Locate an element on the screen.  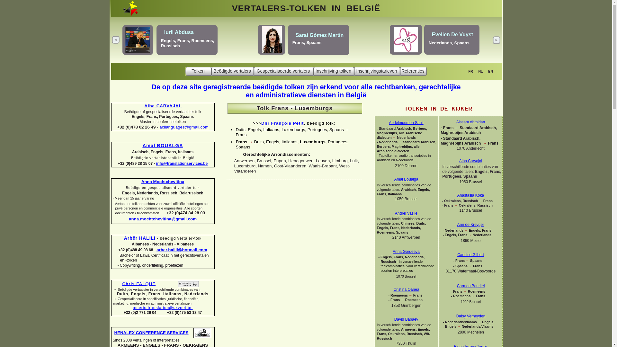
'arber.halili@hotmail.com' is located at coordinates (182, 249).